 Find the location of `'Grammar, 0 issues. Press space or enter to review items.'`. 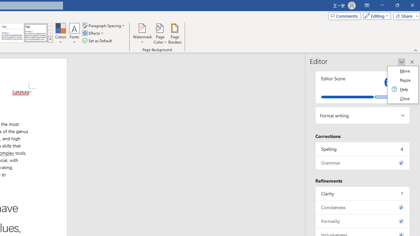

'Grammar, 0 issues. Press space or enter to review items.' is located at coordinates (362, 162).